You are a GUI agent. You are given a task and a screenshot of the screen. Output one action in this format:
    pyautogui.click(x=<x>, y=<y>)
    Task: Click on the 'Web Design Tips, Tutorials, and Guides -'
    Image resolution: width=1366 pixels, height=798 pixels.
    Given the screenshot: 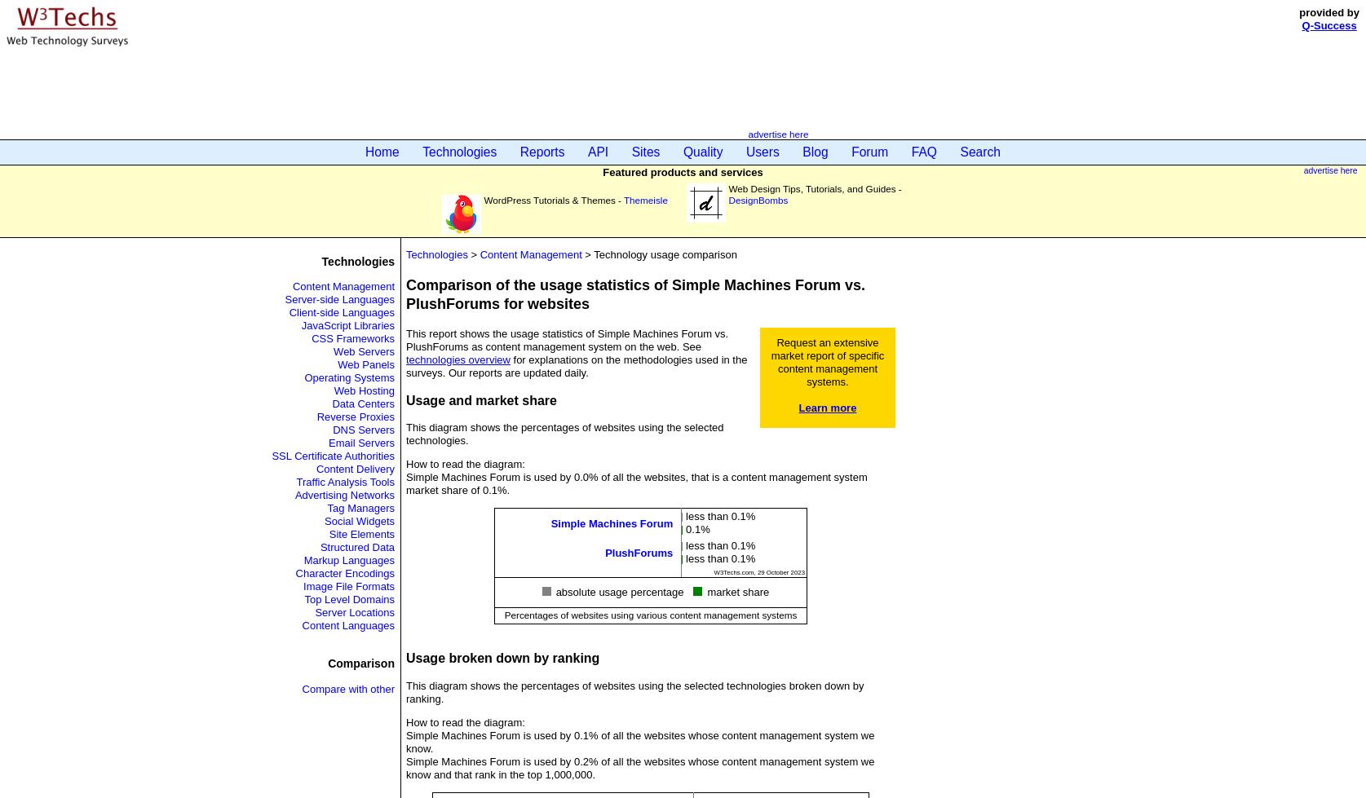 What is the action you would take?
    pyautogui.click(x=813, y=188)
    